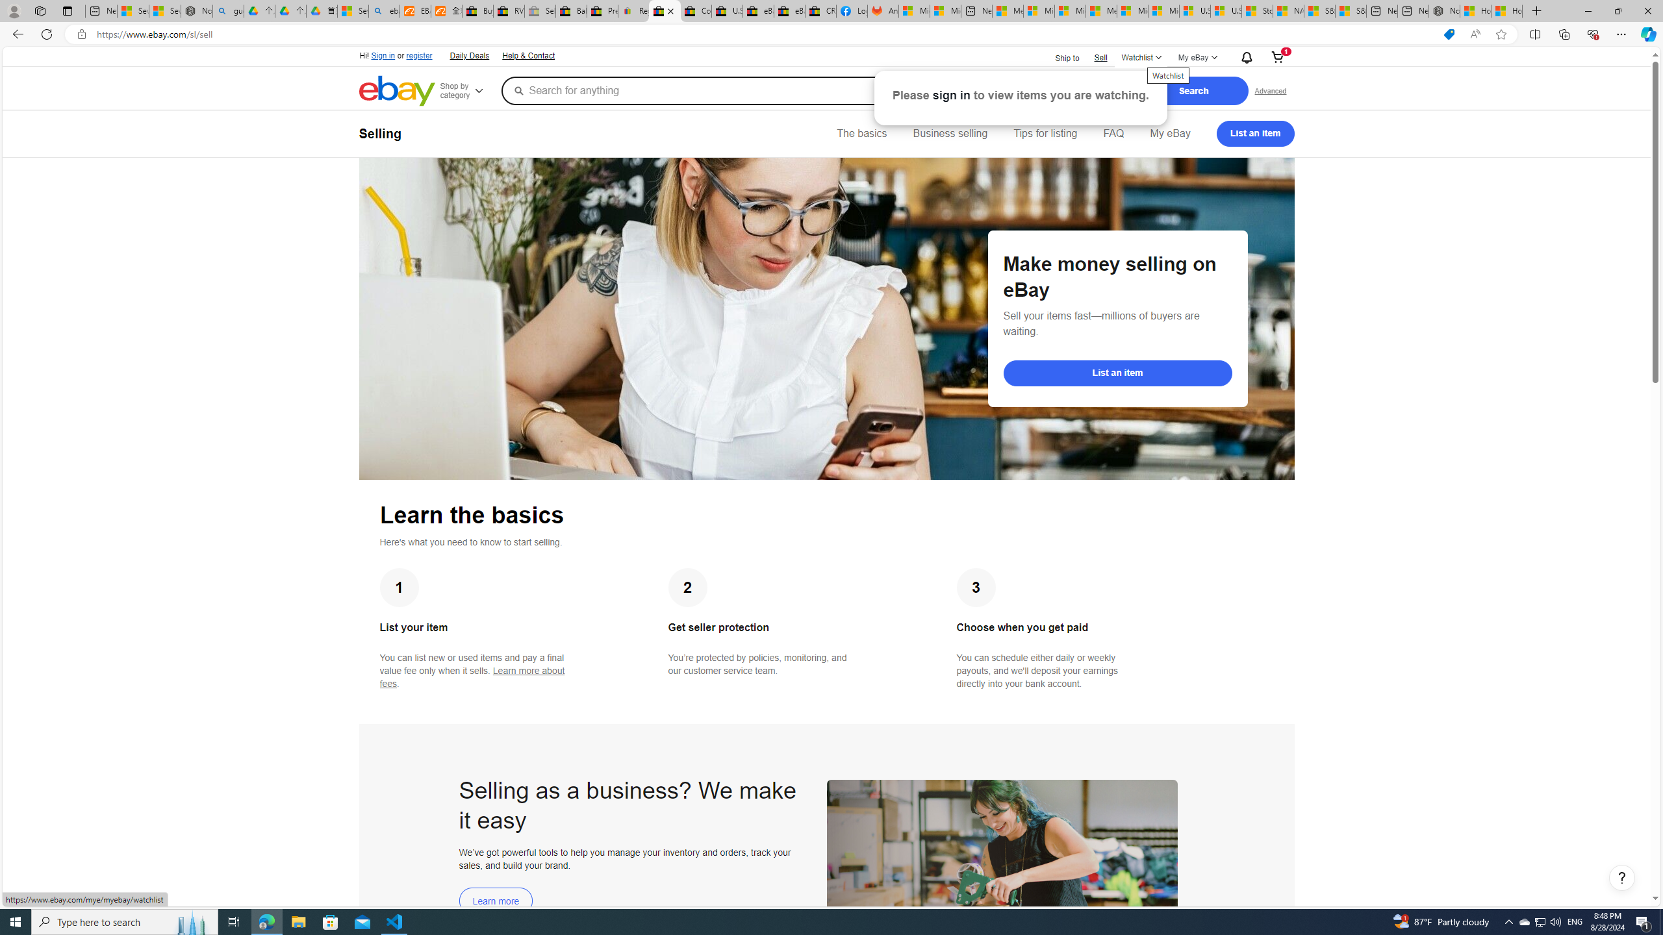  I want to click on 'Help & Contact', so click(529, 56).